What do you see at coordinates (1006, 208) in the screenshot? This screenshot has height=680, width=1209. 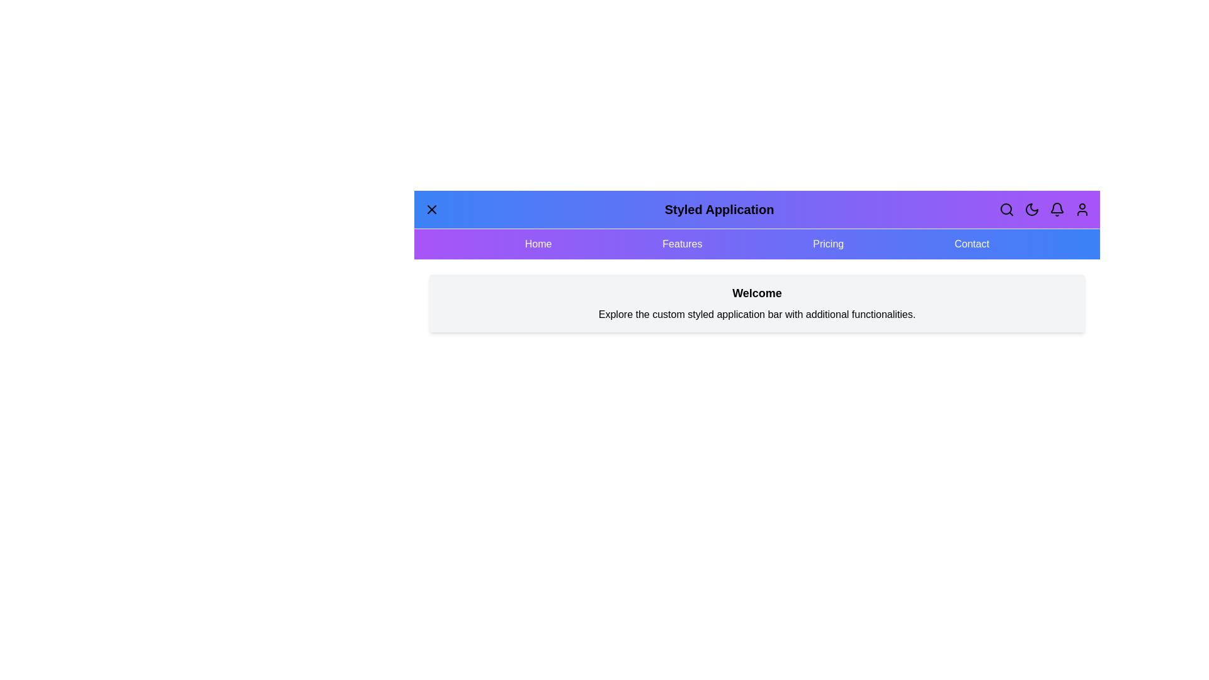 I see `the specified header button Search` at bounding box center [1006, 208].